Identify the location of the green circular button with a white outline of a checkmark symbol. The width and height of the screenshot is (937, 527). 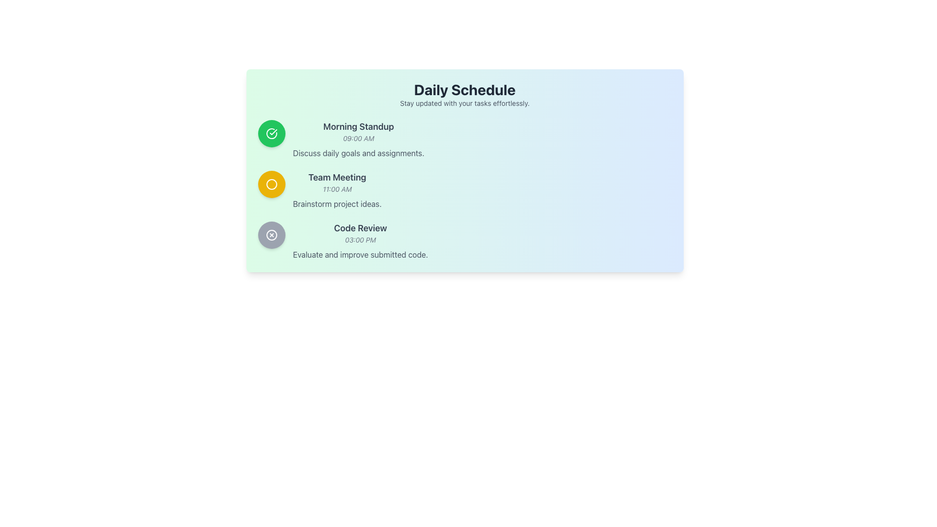
(271, 133).